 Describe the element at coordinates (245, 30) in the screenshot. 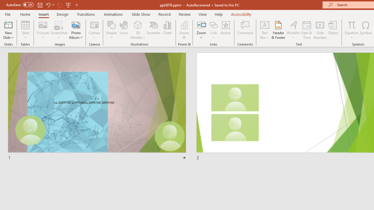

I see `'Comment'` at that location.